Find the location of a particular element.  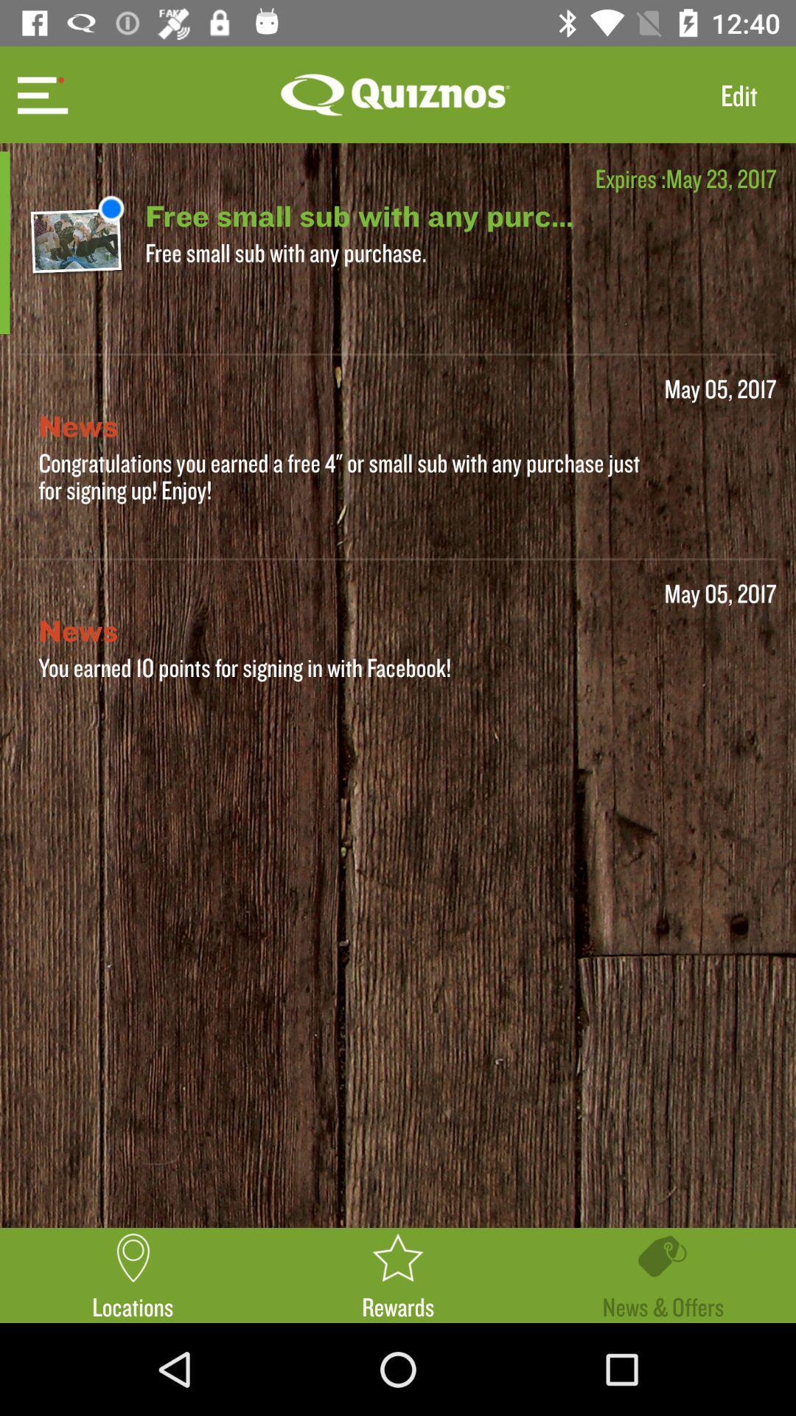

menu paga is located at coordinates (40, 94).